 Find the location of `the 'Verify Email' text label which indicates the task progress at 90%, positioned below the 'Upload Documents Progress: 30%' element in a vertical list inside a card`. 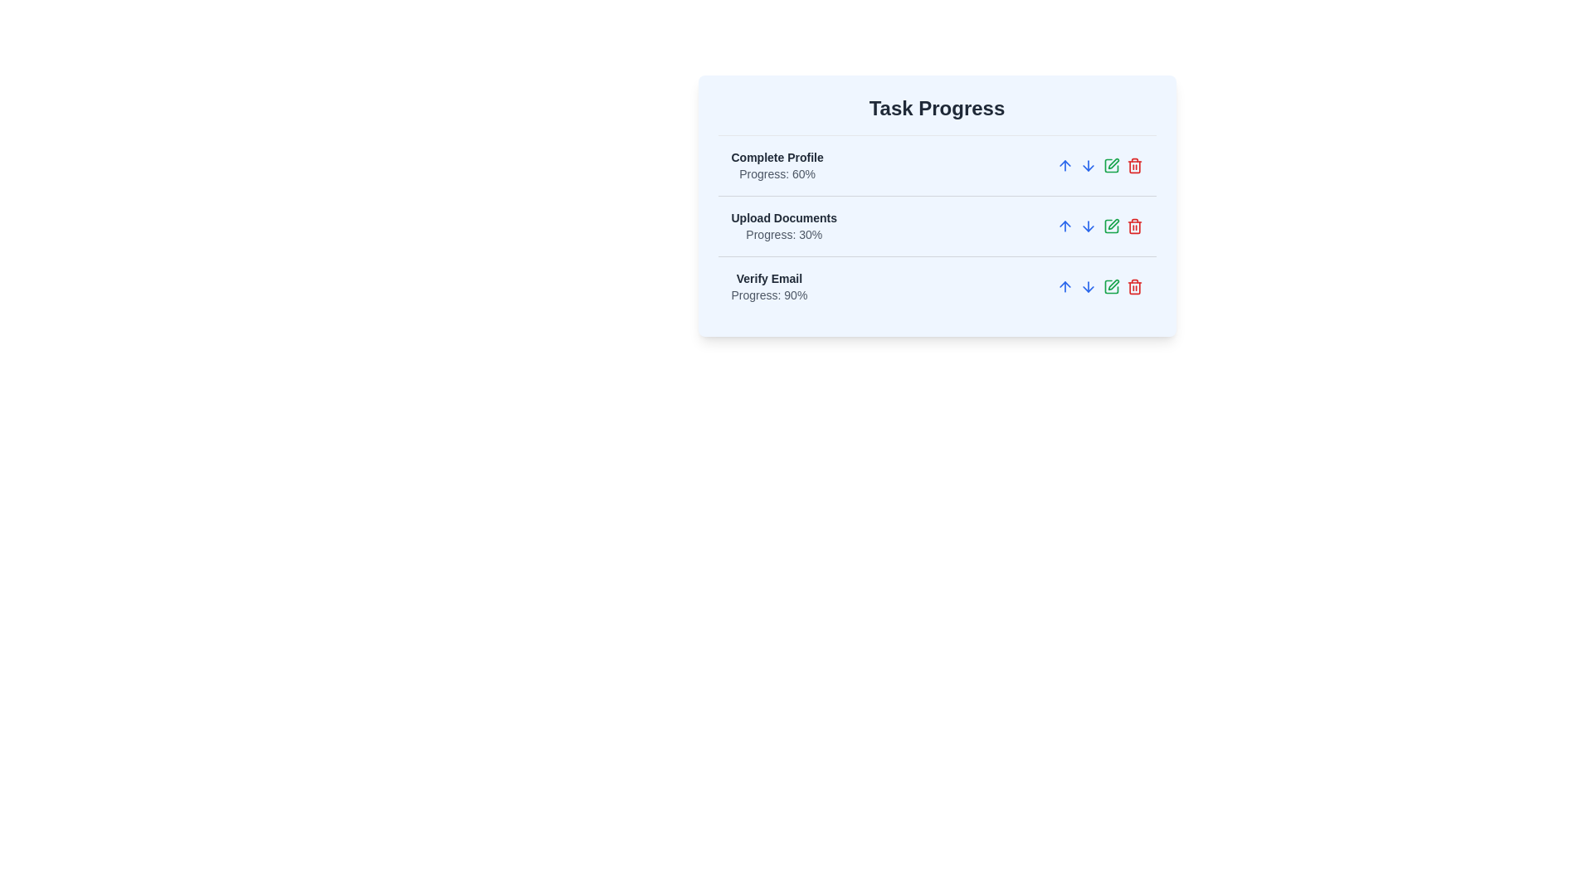

the 'Verify Email' text label which indicates the task progress at 90%, positioned below the 'Upload Documents Progress: 30%' element in a vertical list inside a card is located at coordinates (768, 286).